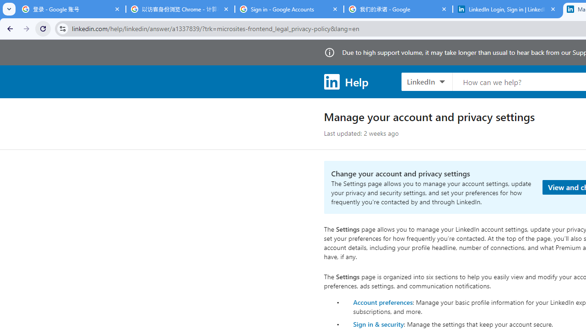 This screenshot has height=329, width=586. What do you see at coordinates (289, 9) in the screenshot?
I see `'Sign in - Google Accounts'` at bounding box center [289, 9].